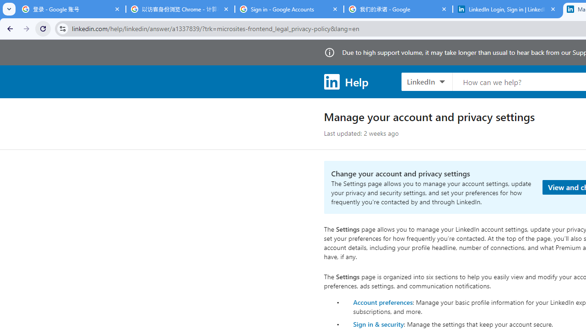 This screenshot has height=329, width=586. What do you see at coordinates (289, 9) in the screenshot?
I see `'Sign in - Google Accounts'` at bounding box center [289, 9].